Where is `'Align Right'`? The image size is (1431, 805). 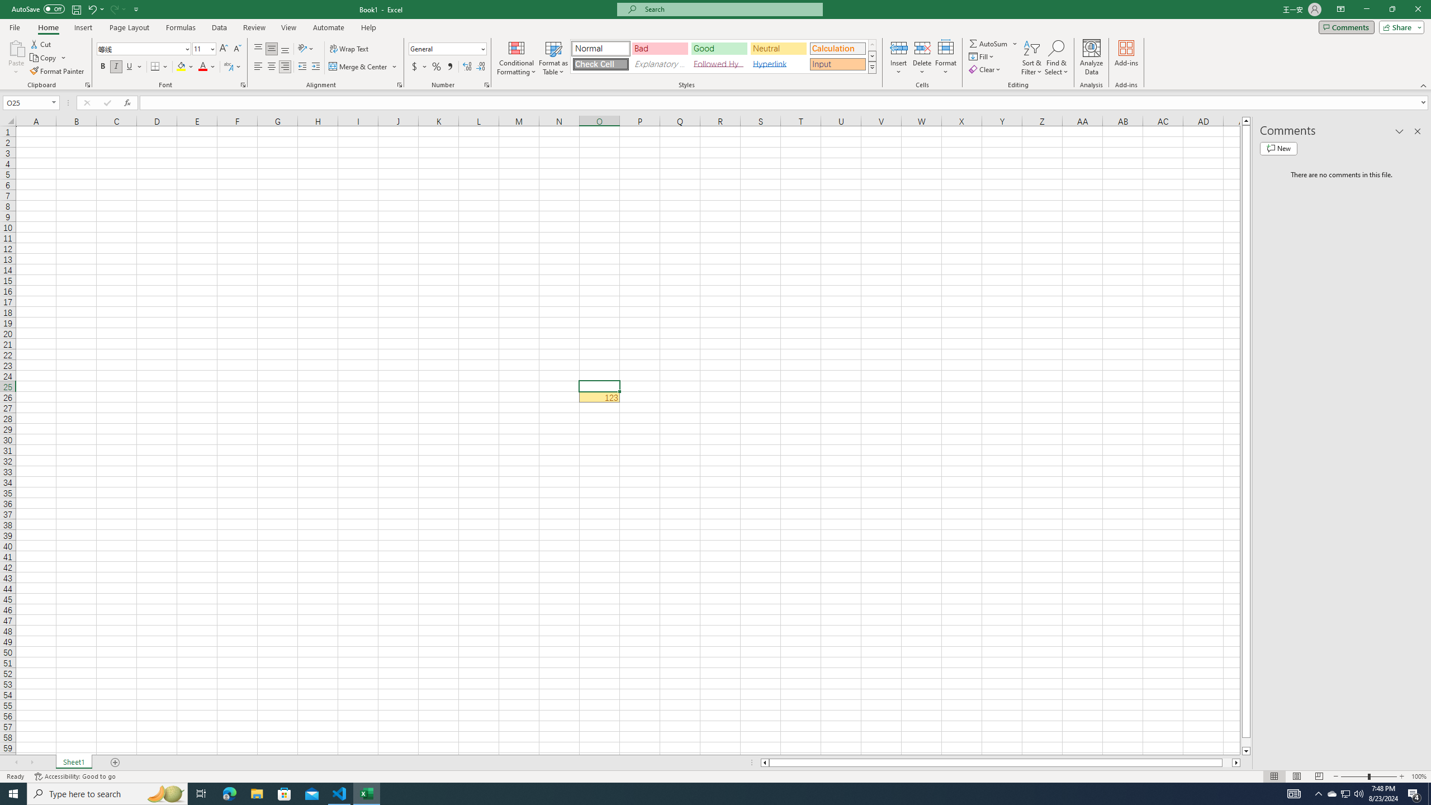 'Align Right' is located at coordinates (285, 66).